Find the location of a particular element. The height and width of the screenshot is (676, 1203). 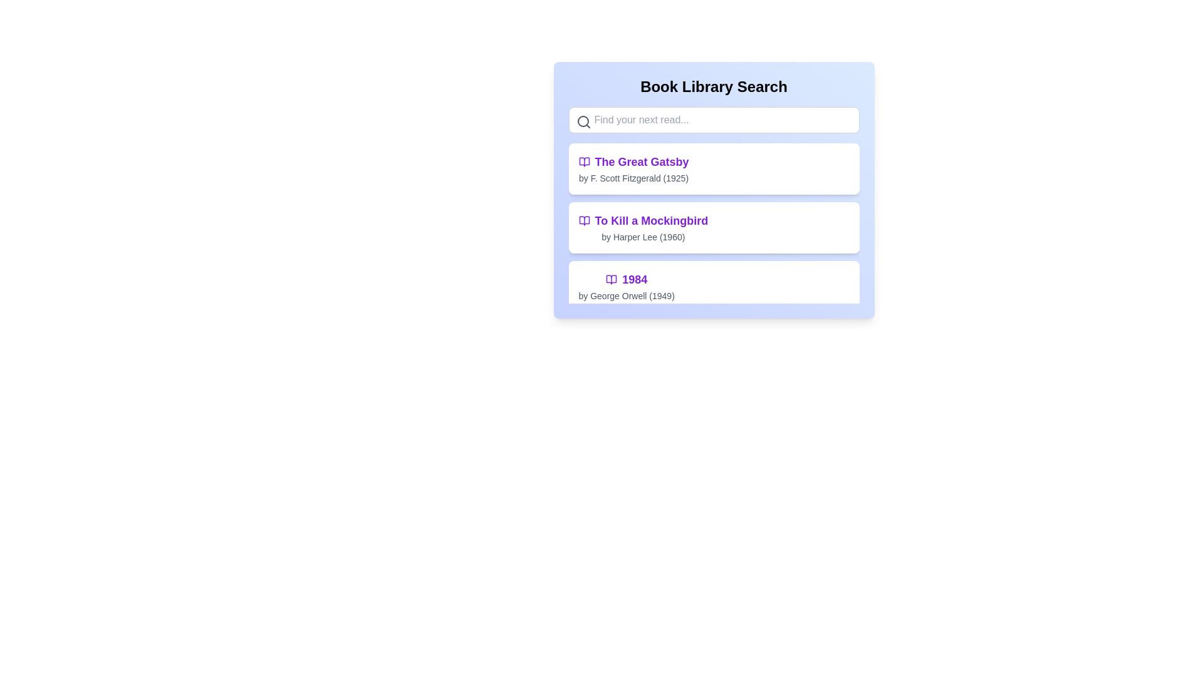

the informational card displaying the book title 'The Great Gatsby' and the author 'by F. Scott Fitzgerald (1925)', which is the first card in a vertical list of similar elements is located at coordinates (714, 169).